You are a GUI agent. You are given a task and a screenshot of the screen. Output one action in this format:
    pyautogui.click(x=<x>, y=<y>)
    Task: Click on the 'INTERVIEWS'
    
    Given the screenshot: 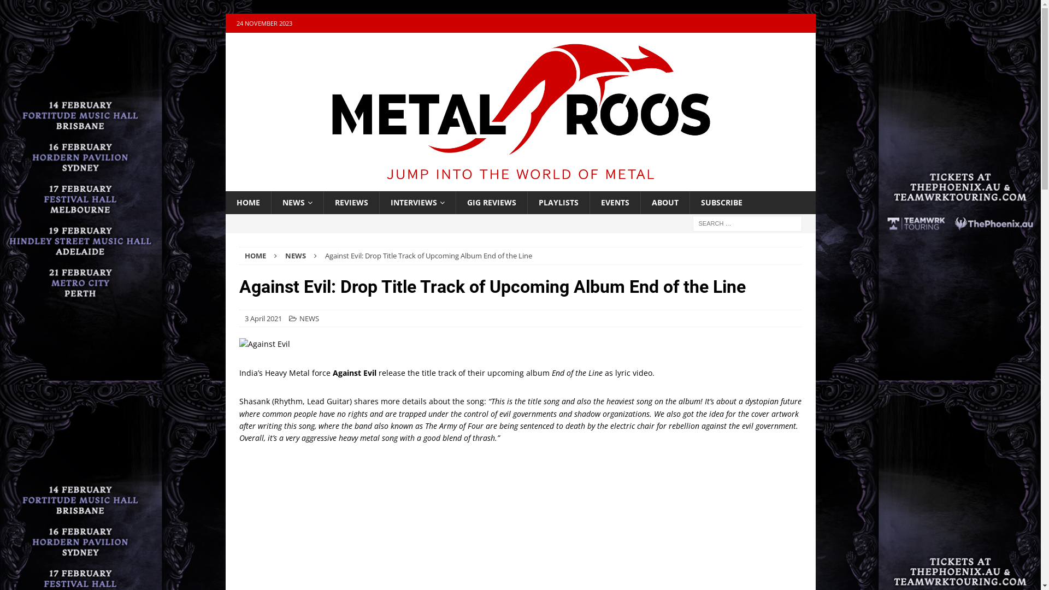 What is the action you would take?
    pyautogui.click(x=379, y=202)
    